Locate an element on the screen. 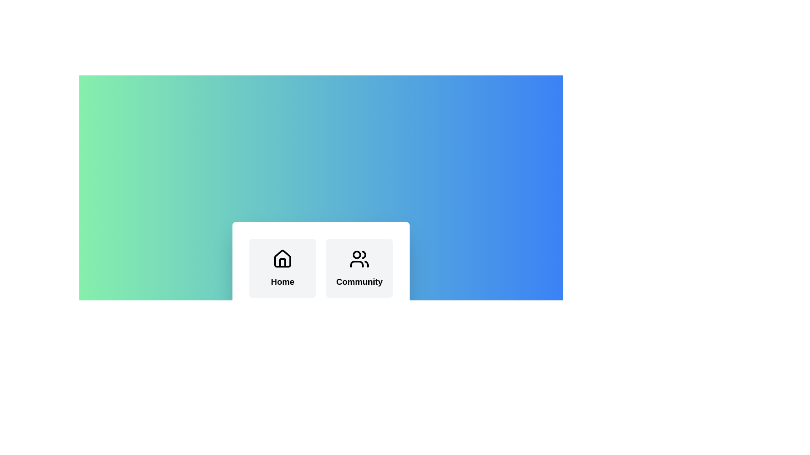 The width and height of the screenshot is (810, 455). the icon of the 'Community' button, which features grouped user silhouettes above the label text and is styled with a light gray background and rounded corners is located at coordinates (359, 268).